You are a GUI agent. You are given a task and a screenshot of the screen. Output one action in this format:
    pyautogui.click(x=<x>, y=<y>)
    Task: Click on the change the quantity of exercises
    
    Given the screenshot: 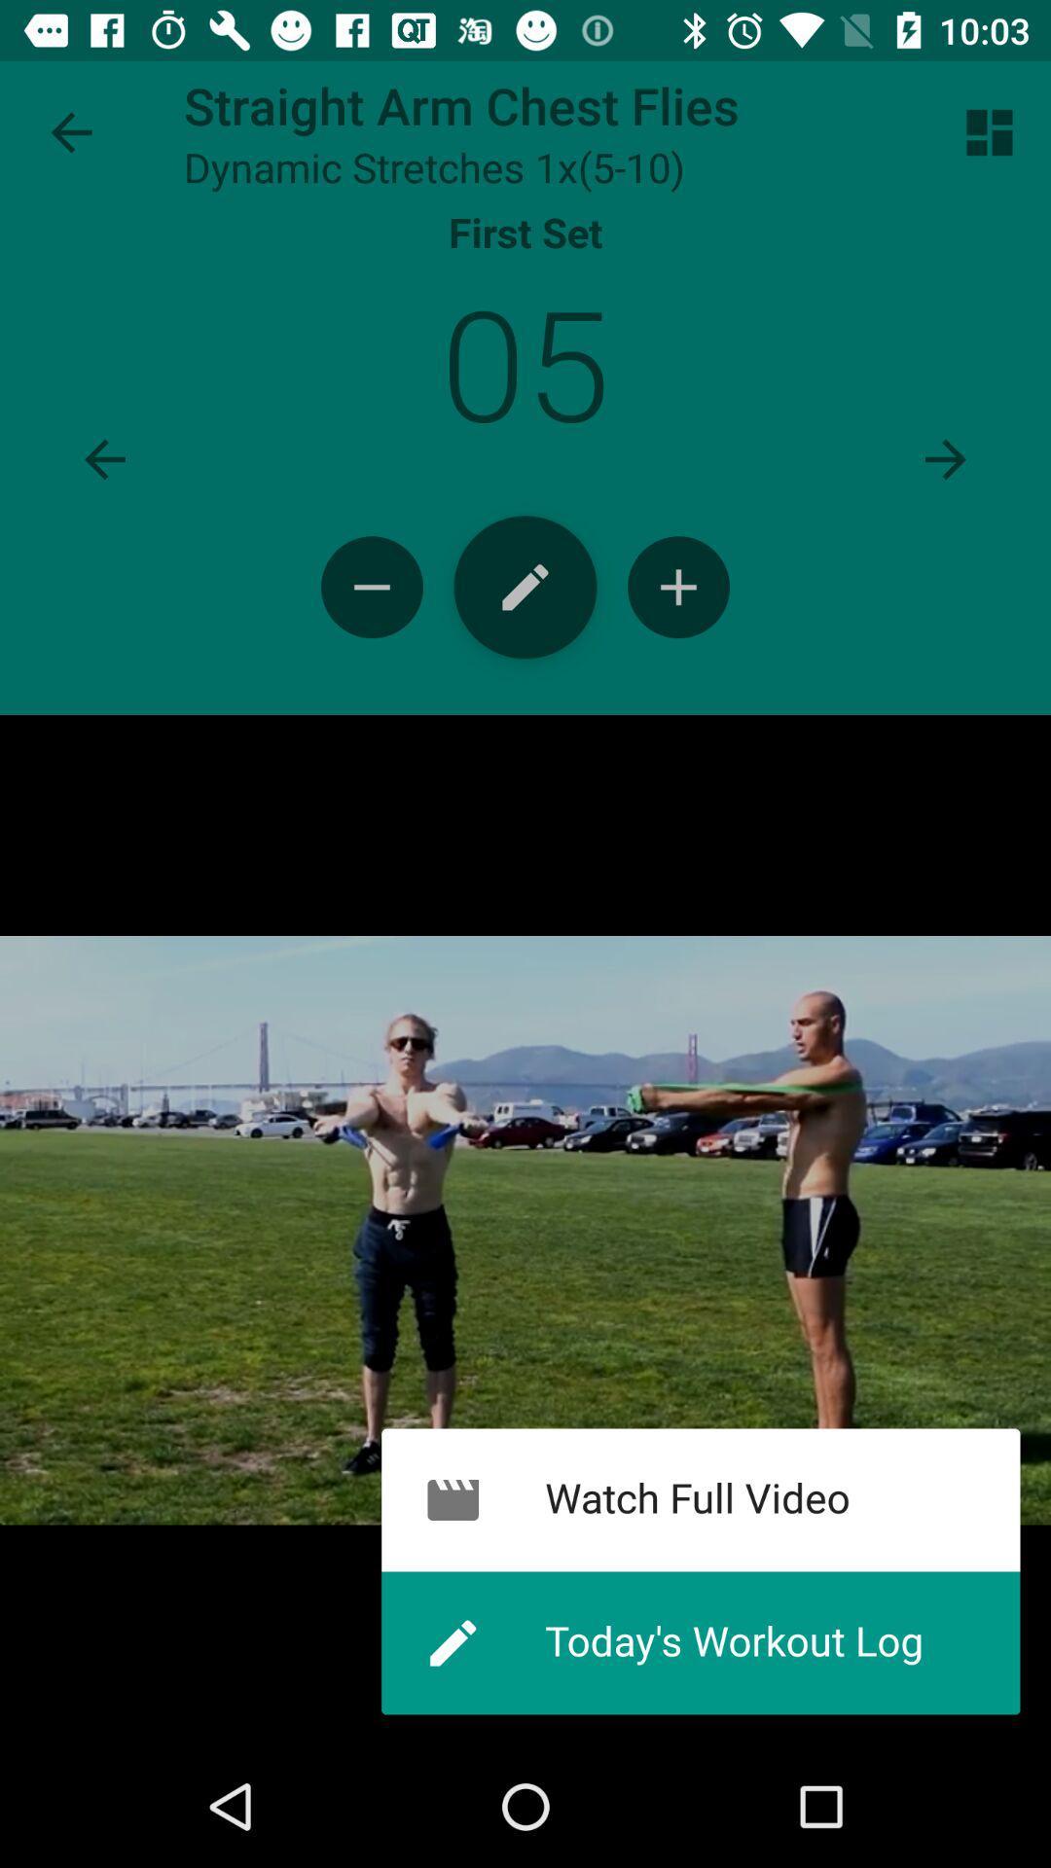 What is the action you would take?
    pyautogui.click(x=372, y=586)
    